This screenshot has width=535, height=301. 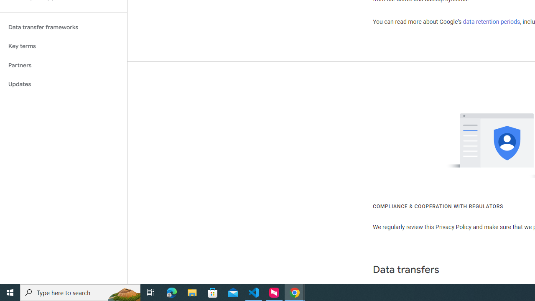 I want to click on 'data retention periods', so click(x=492, y=21).